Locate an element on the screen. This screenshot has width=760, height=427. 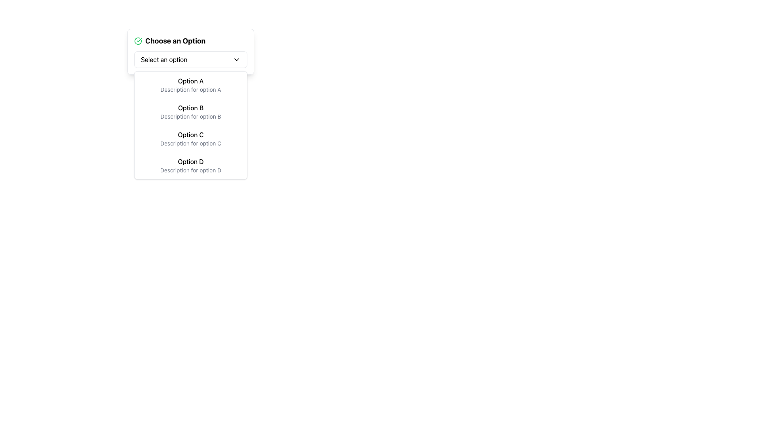
text label positioned to the right of a green check icon and above the dropdown menu labeled 'Select an option' is located at coordinates (175, 41).